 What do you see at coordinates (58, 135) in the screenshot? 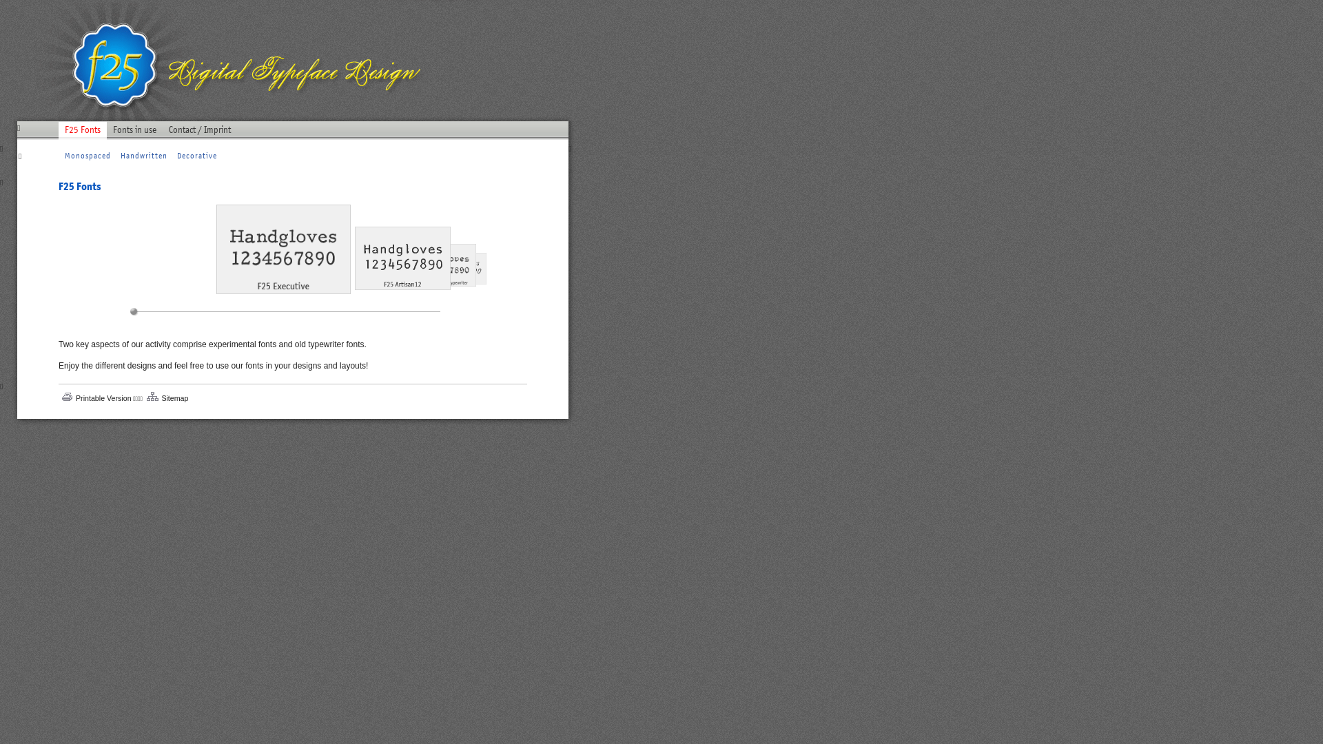
I see `'F25 Fonts'` at bounding box center [58, 135].